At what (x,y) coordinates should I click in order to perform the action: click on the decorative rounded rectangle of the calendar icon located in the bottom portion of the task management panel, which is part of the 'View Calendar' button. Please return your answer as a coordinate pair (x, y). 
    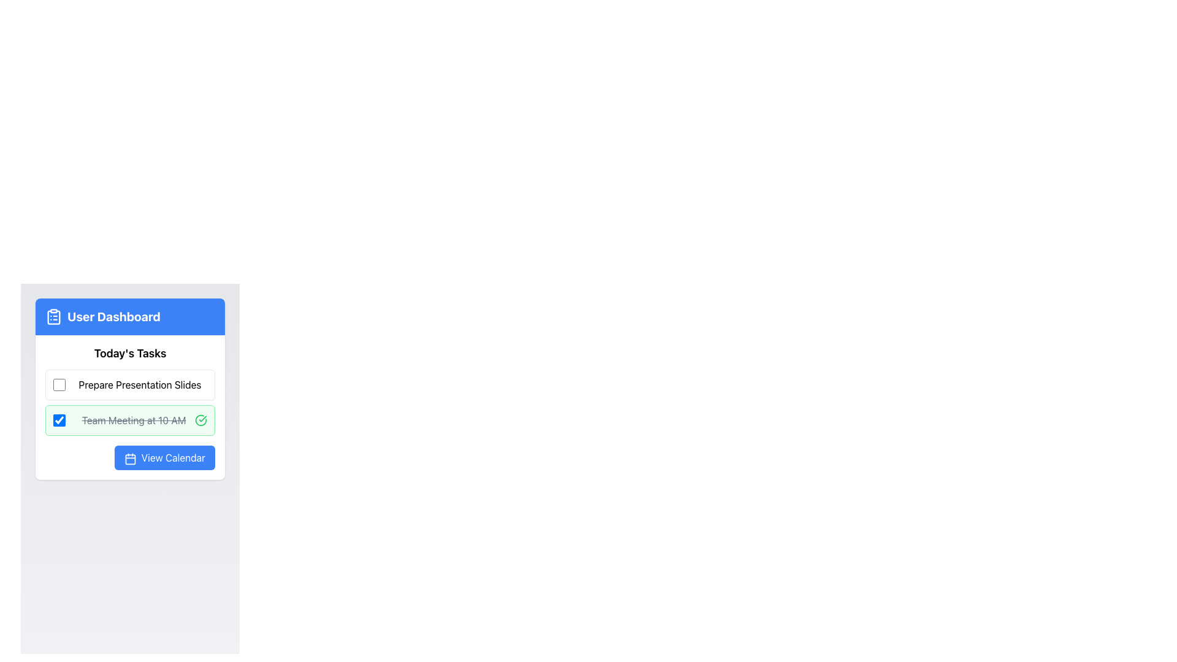
    Looking at the image, I should click on (130, 459).